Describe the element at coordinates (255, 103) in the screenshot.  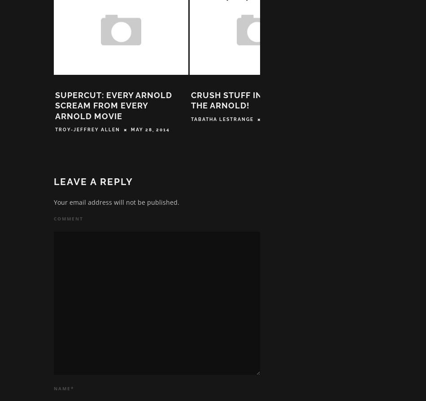
I see `'CRUSH STUFF IN A TANK WITH THE ARNOLD!'` at that location.